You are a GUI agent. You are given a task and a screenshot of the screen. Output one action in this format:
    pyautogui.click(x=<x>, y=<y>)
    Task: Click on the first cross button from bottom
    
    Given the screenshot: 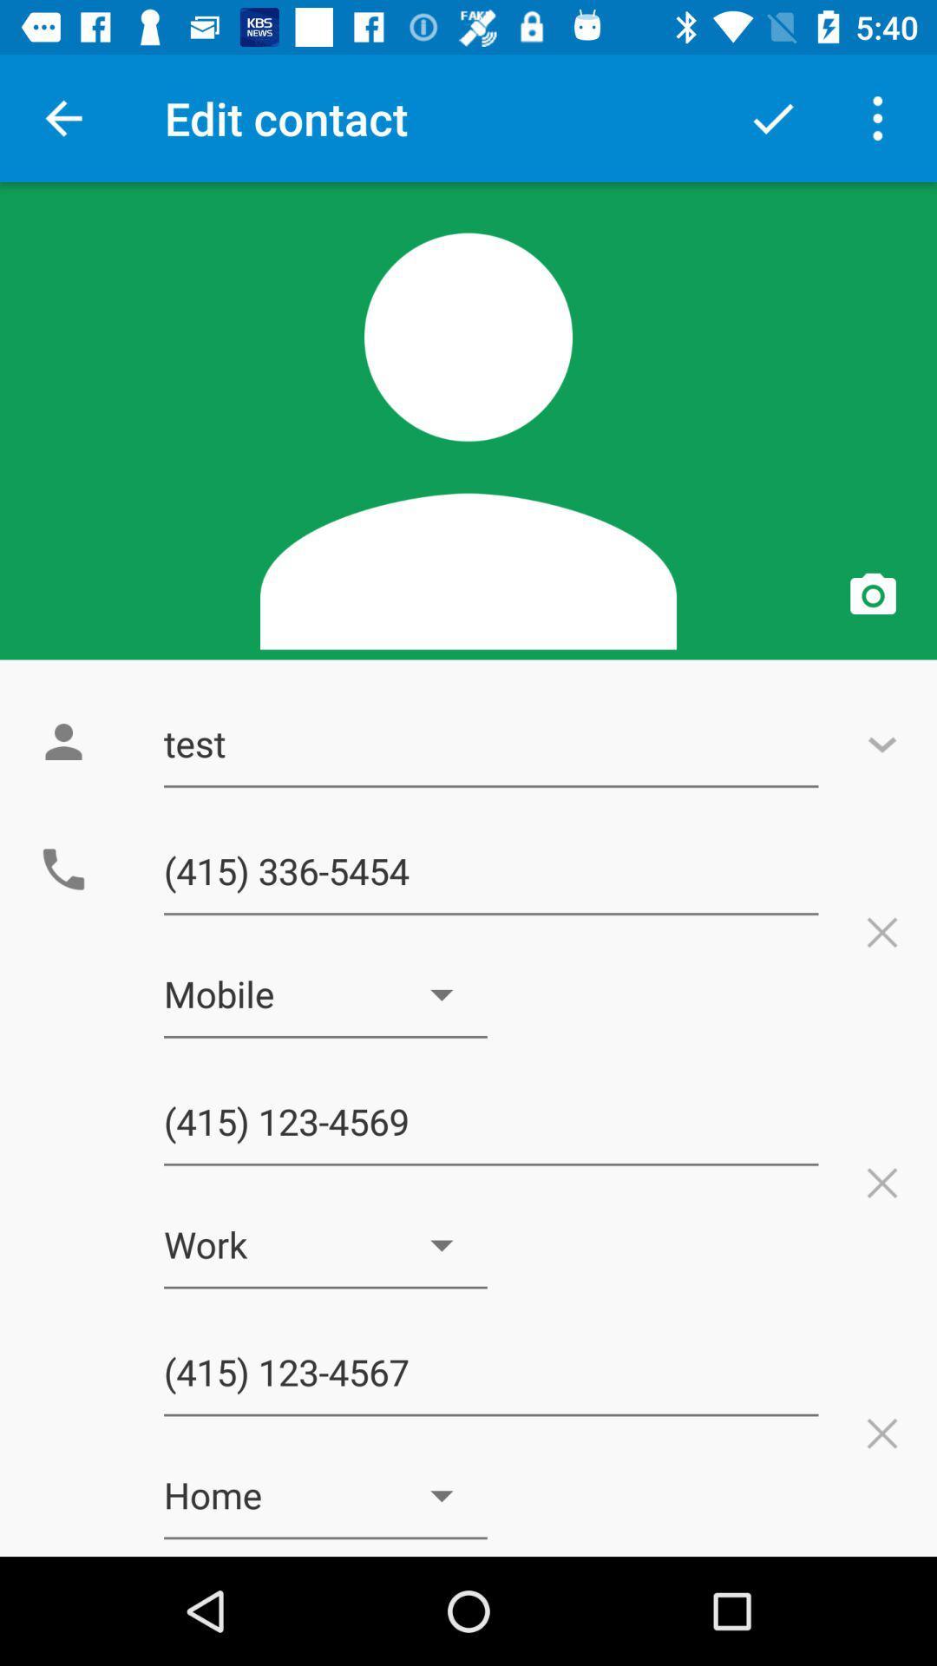 What is the action you would take?
    pyautogui.click(x=882, y=1433)
    